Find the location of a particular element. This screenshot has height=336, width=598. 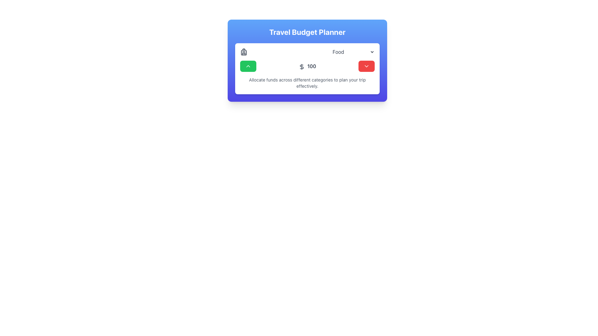

the green rectangular button with rounded corners featuring a white upward chevron, located to the left of the '$ 100' display is located at coordinates (248, 66).